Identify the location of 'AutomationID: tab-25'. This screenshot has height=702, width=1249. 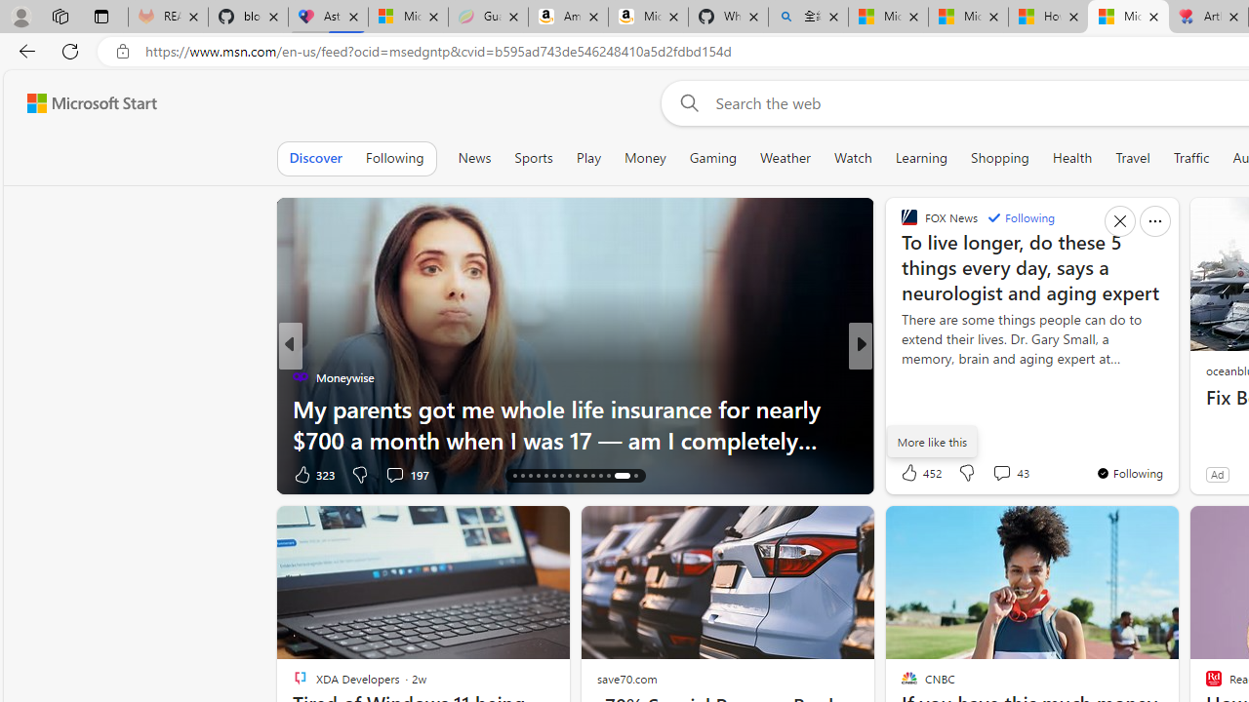
(584, 476).